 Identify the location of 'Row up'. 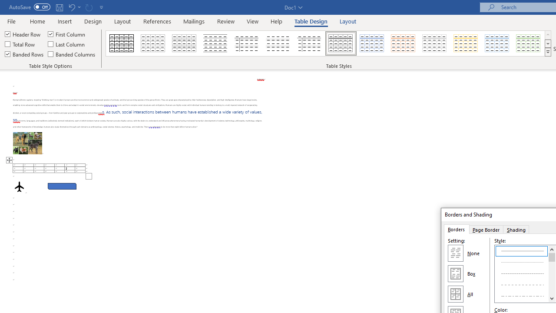
(547, 34).